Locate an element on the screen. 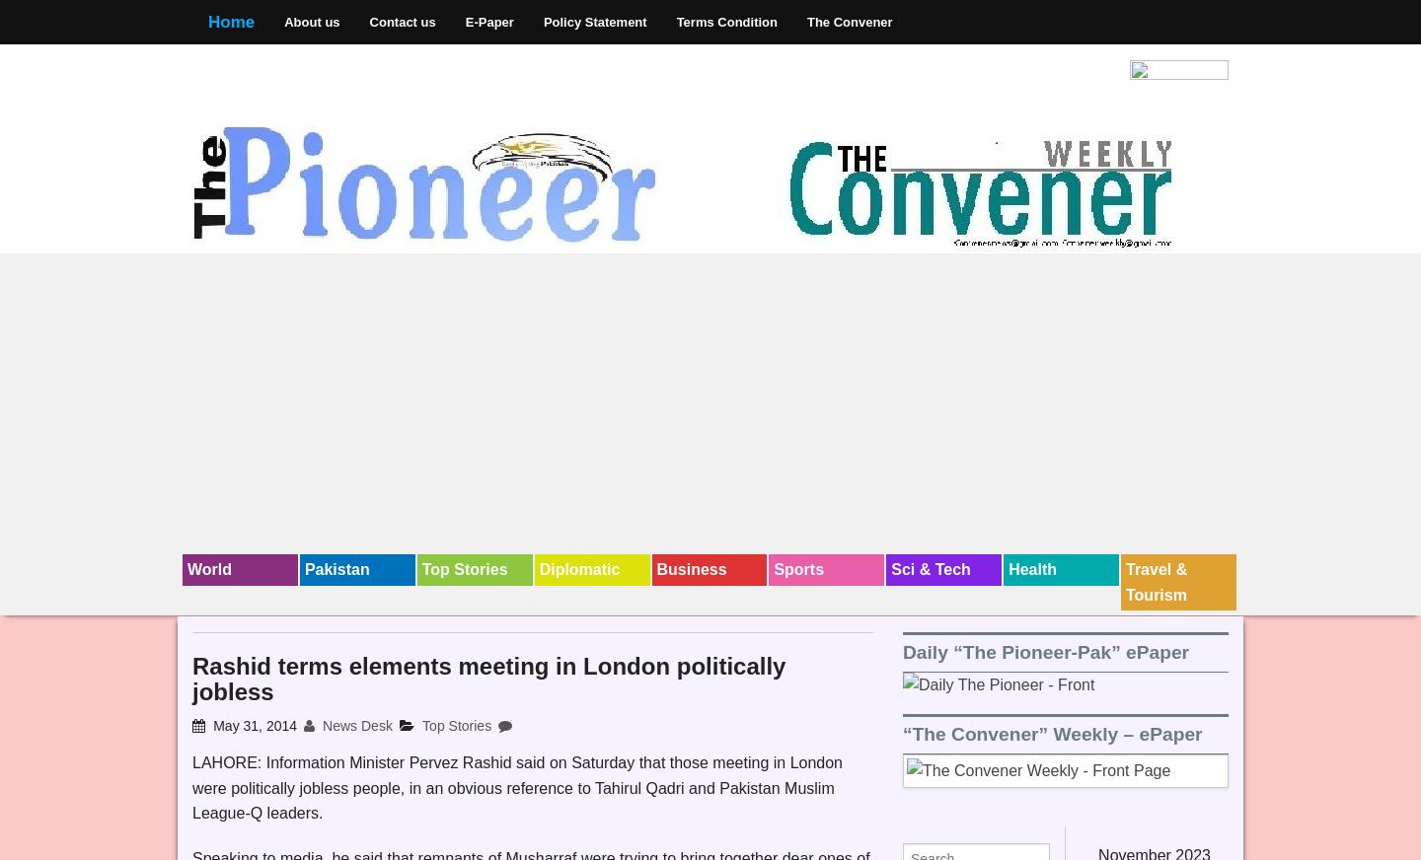  'Daily “The Pioneer-Pak” ePaper' is located at coordinates (1045, 650).